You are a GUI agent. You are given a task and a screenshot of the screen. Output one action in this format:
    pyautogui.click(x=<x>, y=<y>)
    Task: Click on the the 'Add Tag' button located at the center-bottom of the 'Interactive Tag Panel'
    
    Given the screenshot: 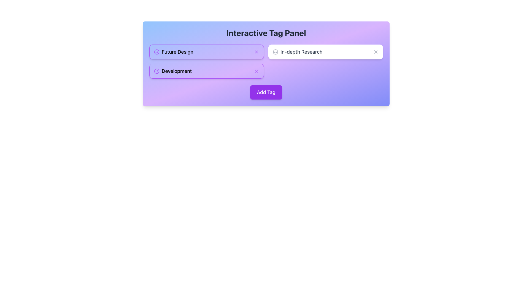 What is the action you would take?
    pyautogui.click(x=266, y=92)
    